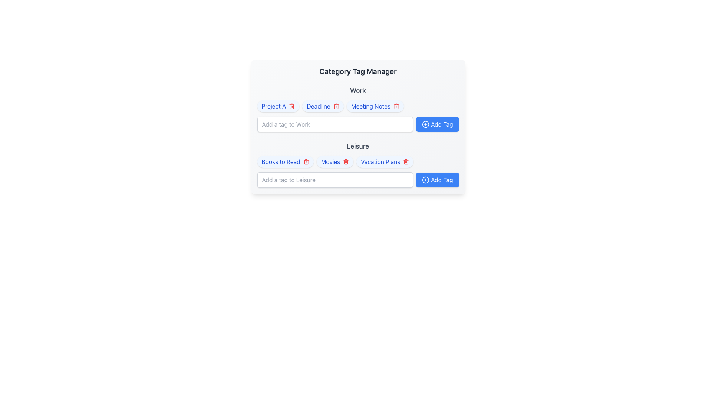 This screenshot has width=712, height=400. I want to click on the delete icon button located to the right of the 'Project A' label in the 'Work' section of the 'Category Tag Manager' interface, so click(291, 106).